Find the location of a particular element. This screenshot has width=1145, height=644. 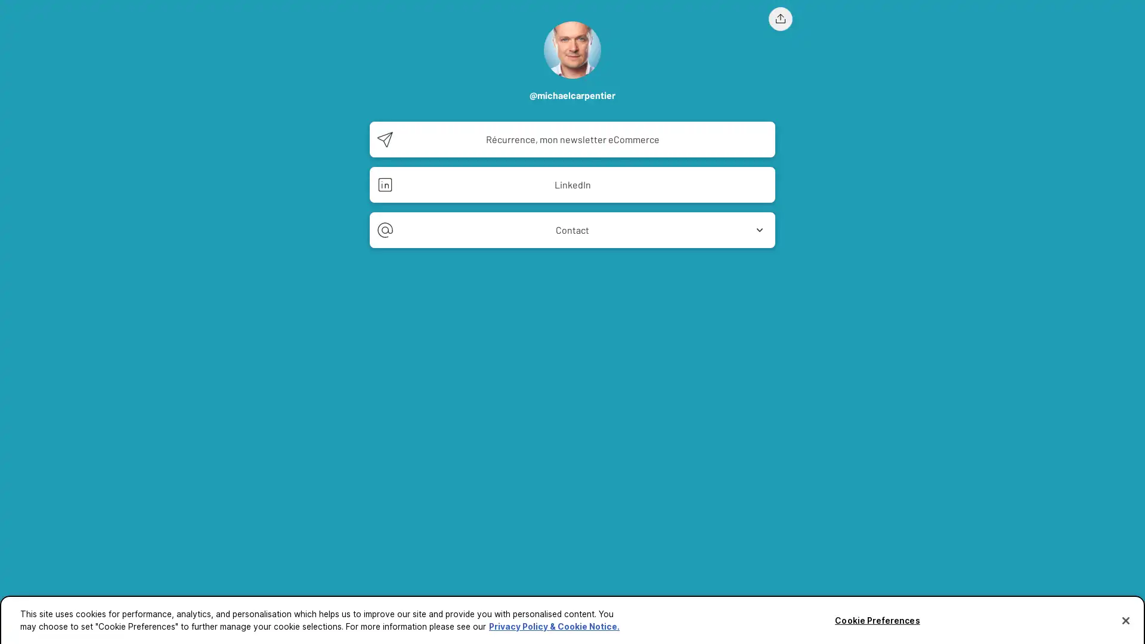

Cookie Preferences is located at coordinates (32, 626).